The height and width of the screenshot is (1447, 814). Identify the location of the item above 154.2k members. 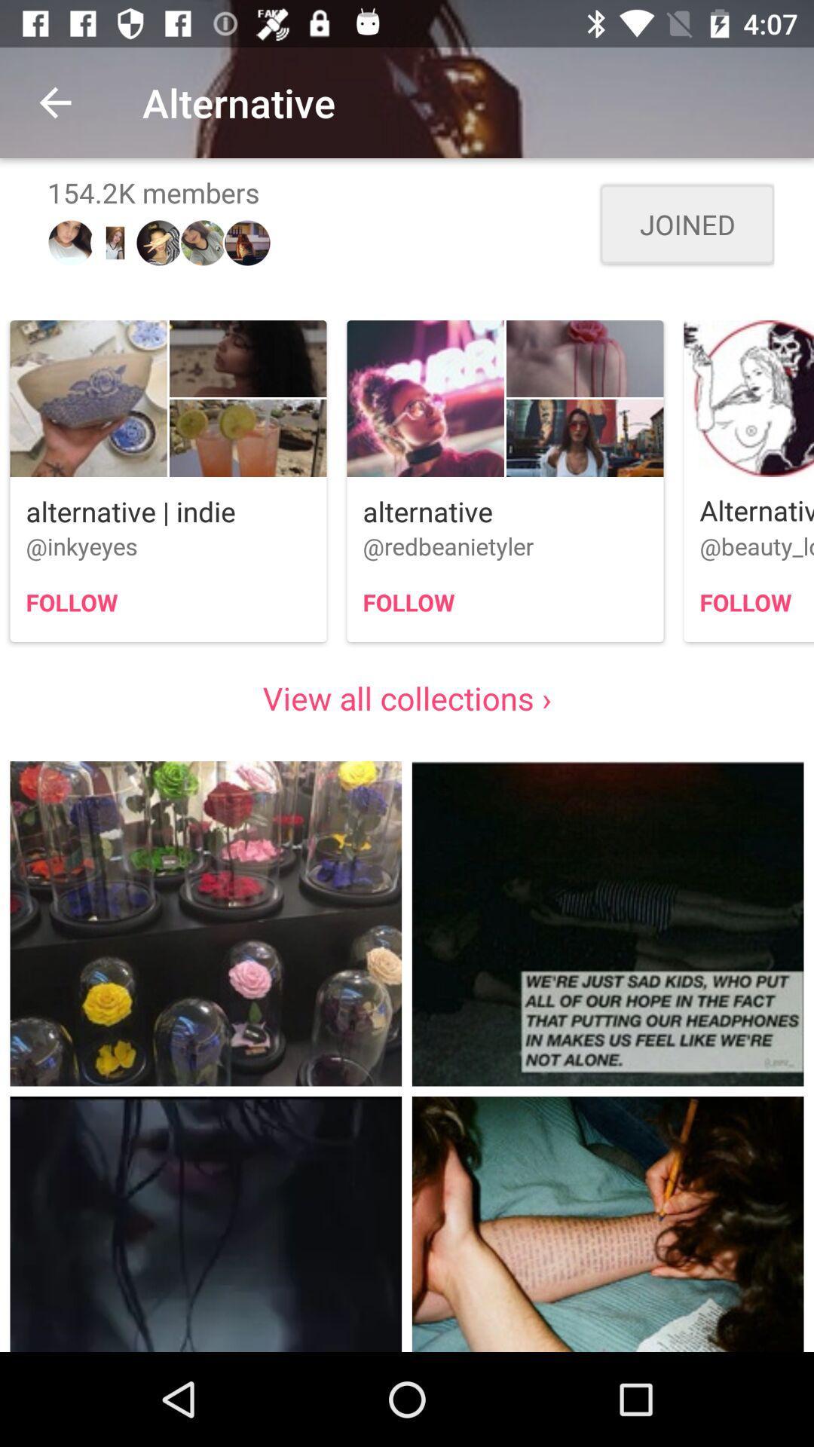
(54, 102).